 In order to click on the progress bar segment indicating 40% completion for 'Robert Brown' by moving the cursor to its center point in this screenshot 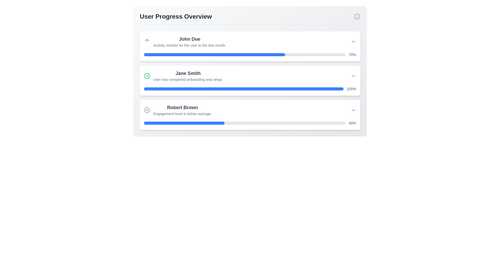, I will do `click(184, 123)`.